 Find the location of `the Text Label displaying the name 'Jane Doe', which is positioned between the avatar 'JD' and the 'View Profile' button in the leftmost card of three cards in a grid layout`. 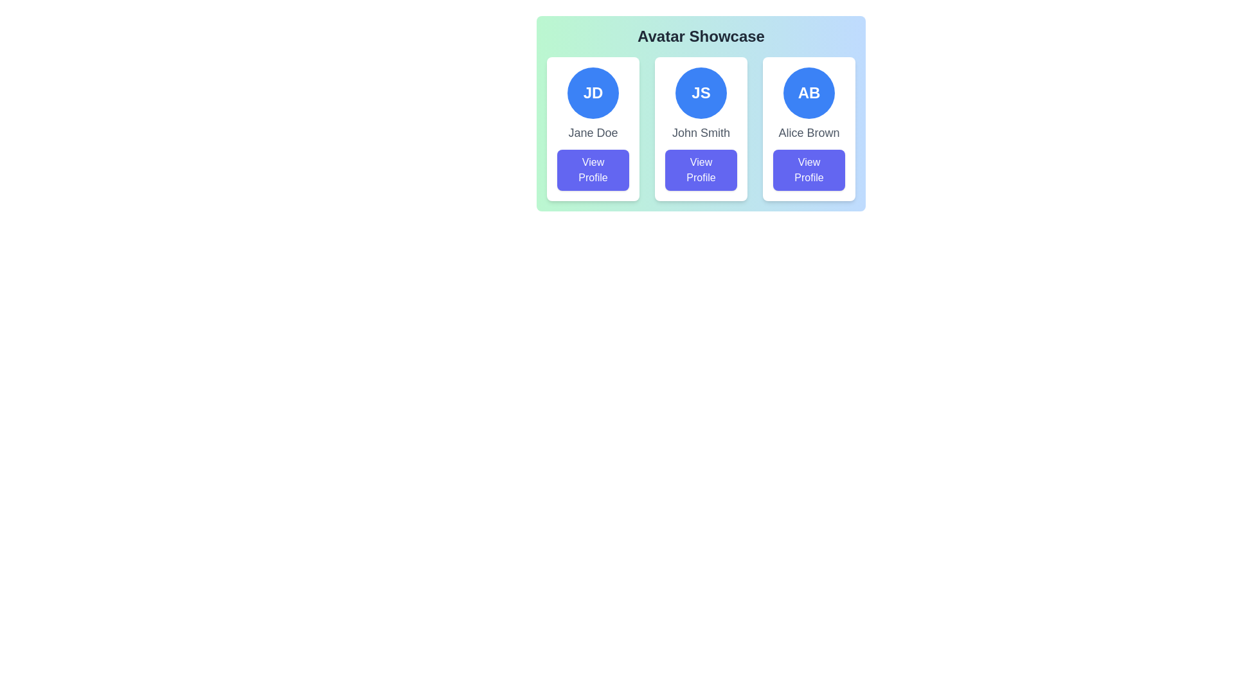

the Text Label displaying the name 'Jane Doe', which is positioned between the avatar 'JD' and the 'View Profile' button in the leftmost card of three cards in a grid layout is located at coordinates (592, 133).